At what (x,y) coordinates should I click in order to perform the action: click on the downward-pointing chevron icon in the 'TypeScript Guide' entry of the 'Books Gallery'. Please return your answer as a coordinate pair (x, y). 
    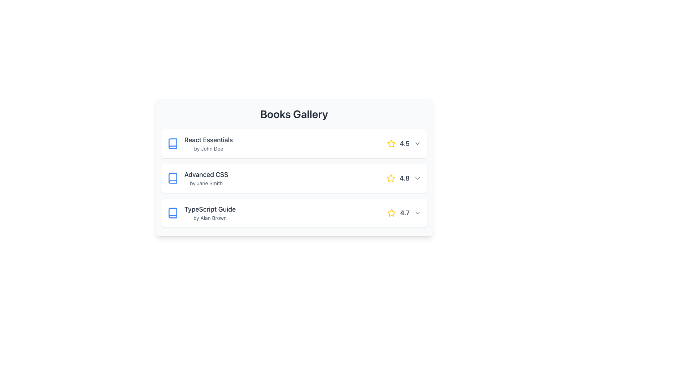
    Looking at the image, I should click on (417, 213).